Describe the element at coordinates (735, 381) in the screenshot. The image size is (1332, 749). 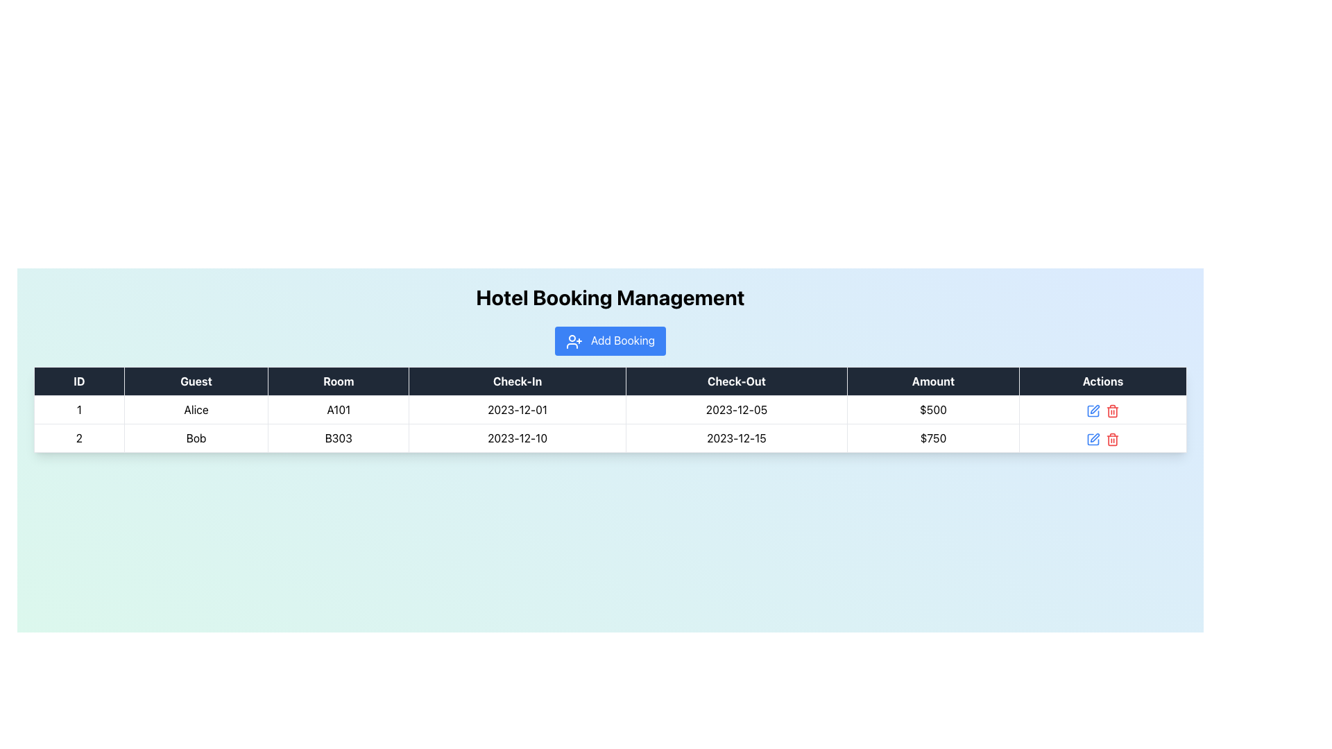
I see `the 'Check-Out' table header cell, which is the fifth header in a horizontal sequence that includes 'ID', 'Guest', 'Room', 'Check-In', 'Check-Out', 'Amount', and 'Actions'` at that location.